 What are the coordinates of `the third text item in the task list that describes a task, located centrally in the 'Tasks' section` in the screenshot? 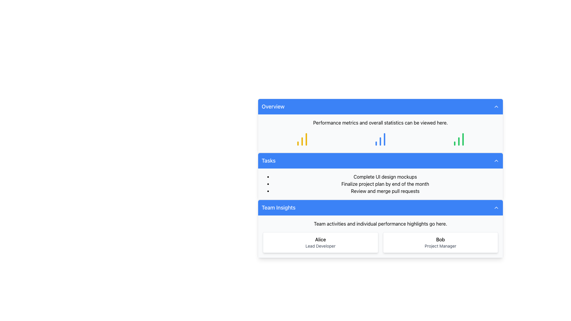 It's located at (385, 191).